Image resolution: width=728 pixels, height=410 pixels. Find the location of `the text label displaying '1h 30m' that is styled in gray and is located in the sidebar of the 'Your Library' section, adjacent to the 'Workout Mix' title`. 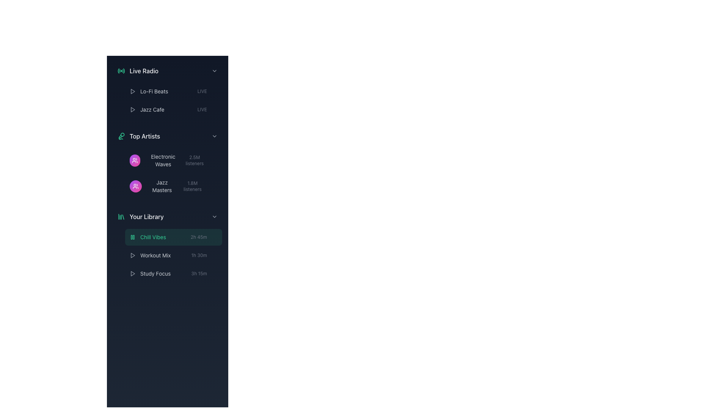

the text label displaying '1h 30m' that is styled in gray and is located in the sidebar of the 'Your Library' section, adjacent to the 'Workout Mix' title is located at coordinates (204, 255).